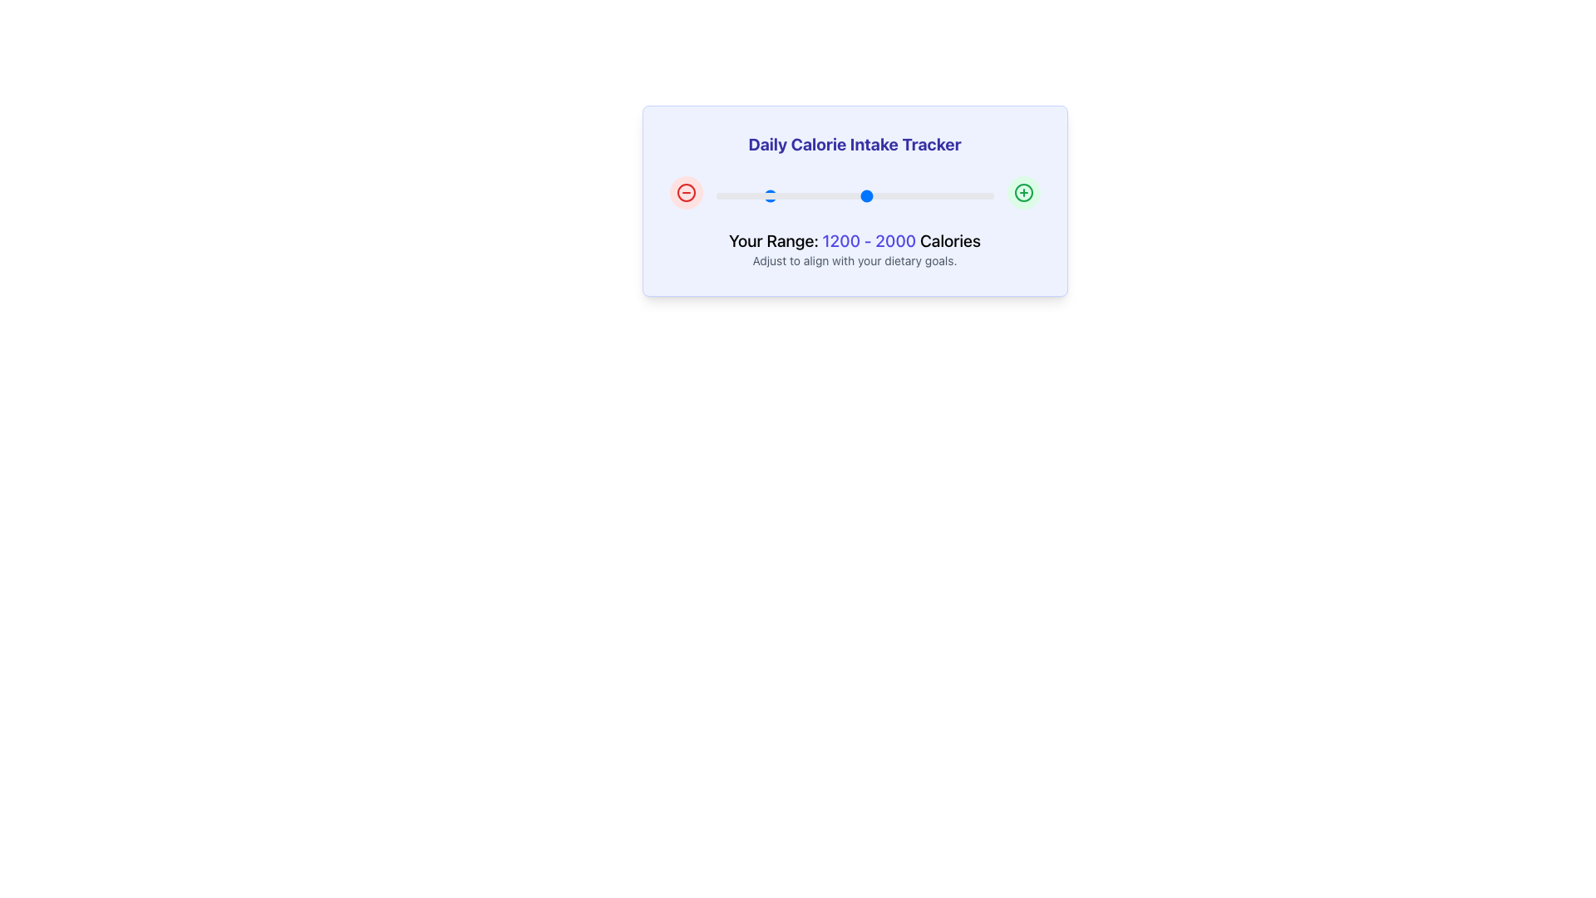 This screenshot has width=1596, height=898. What do you see at coordinates (868, 240) in the screenshot?
I see `the text element displaying '1200 - 2000' which is part of the phrase 'Your Range: 1200 - 2000 Calories'` at bounding box center [868, 240].